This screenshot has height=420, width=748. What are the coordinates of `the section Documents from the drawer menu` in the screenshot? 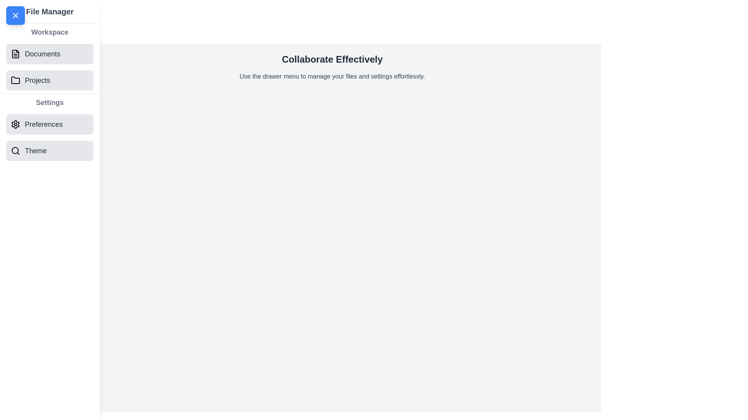 It's located at (49, 53).